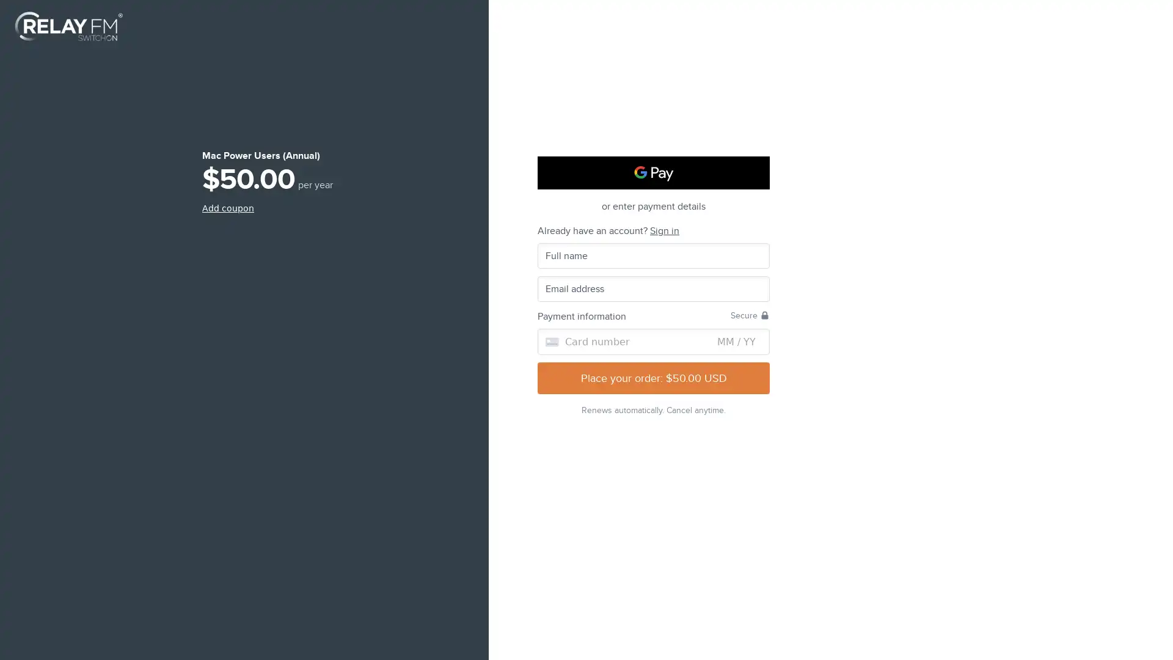 This screenshot has width=1173, height=660. Describe the element at coordinates (653, 377) in the screenshot. I see `Place your order: $50.00 USD` at that location.